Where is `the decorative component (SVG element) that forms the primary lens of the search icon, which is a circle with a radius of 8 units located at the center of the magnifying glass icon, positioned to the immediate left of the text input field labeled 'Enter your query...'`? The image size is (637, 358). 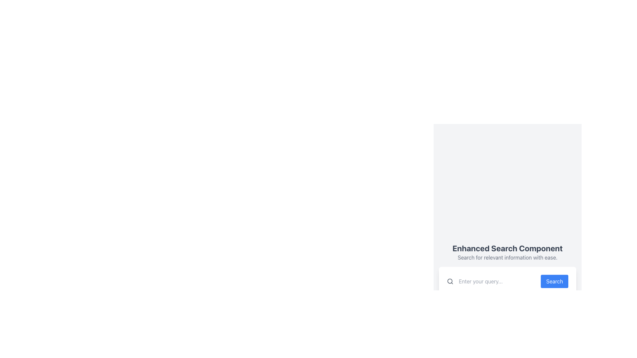
the decorative component (SVG element) that forms the primary lens of the search icon, which is a circle with a radius of 8 units located at the center of the magnifying glass icon, positioned to the immediate left of the text input field labeled 'Enter your query...' is located at coordinates (450, 281).